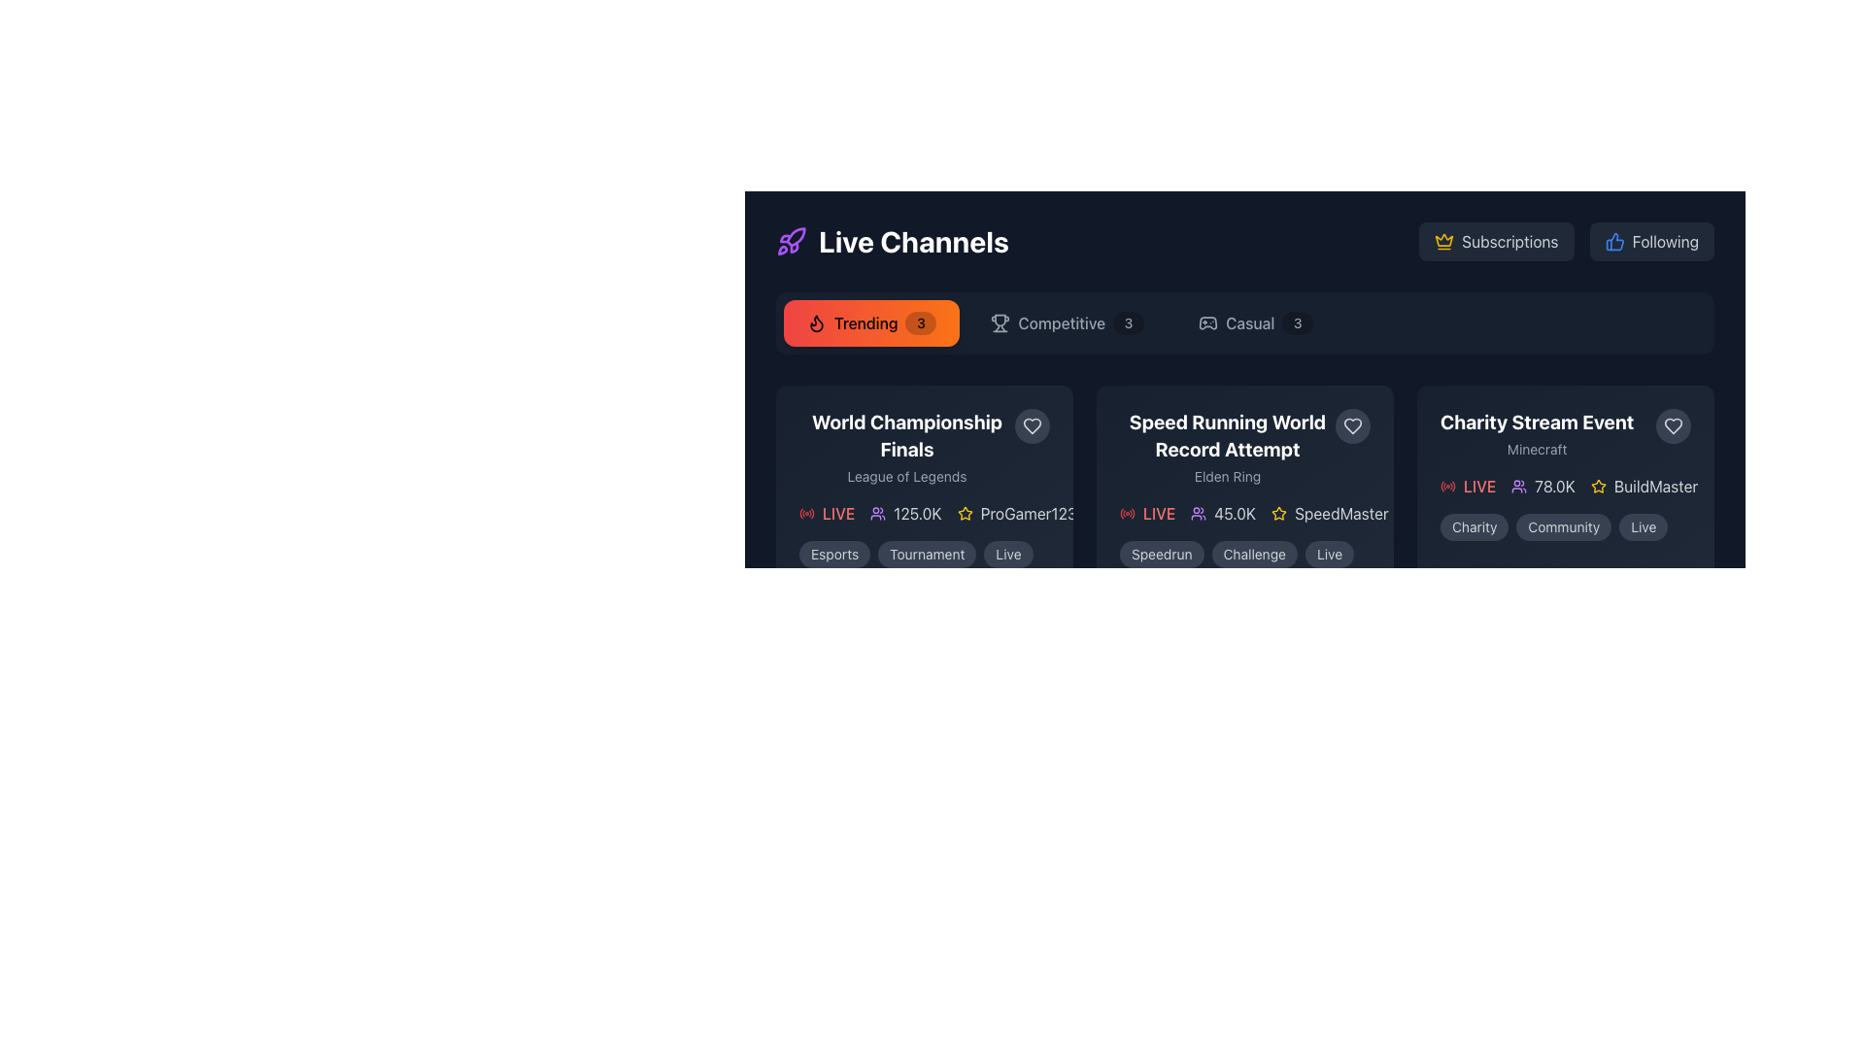 This screenshot has width=1865, height=1049. Describe the element at coordinates (1478, 486) in the screenshot. I see `the text label indicating the live broadcasting status of the Charity Stream Event, located to the right of the pulsing red icon in the Trending section under Live Channels` at that location.